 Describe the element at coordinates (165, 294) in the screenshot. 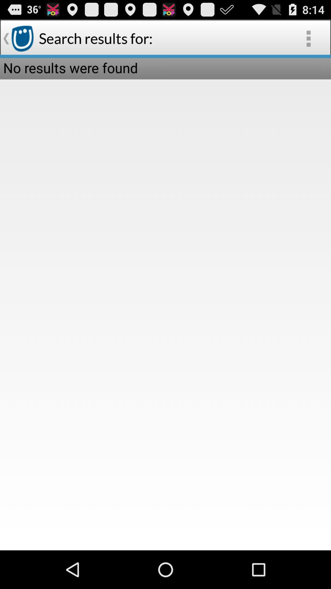

I see `item below the no results were icon` at that location.